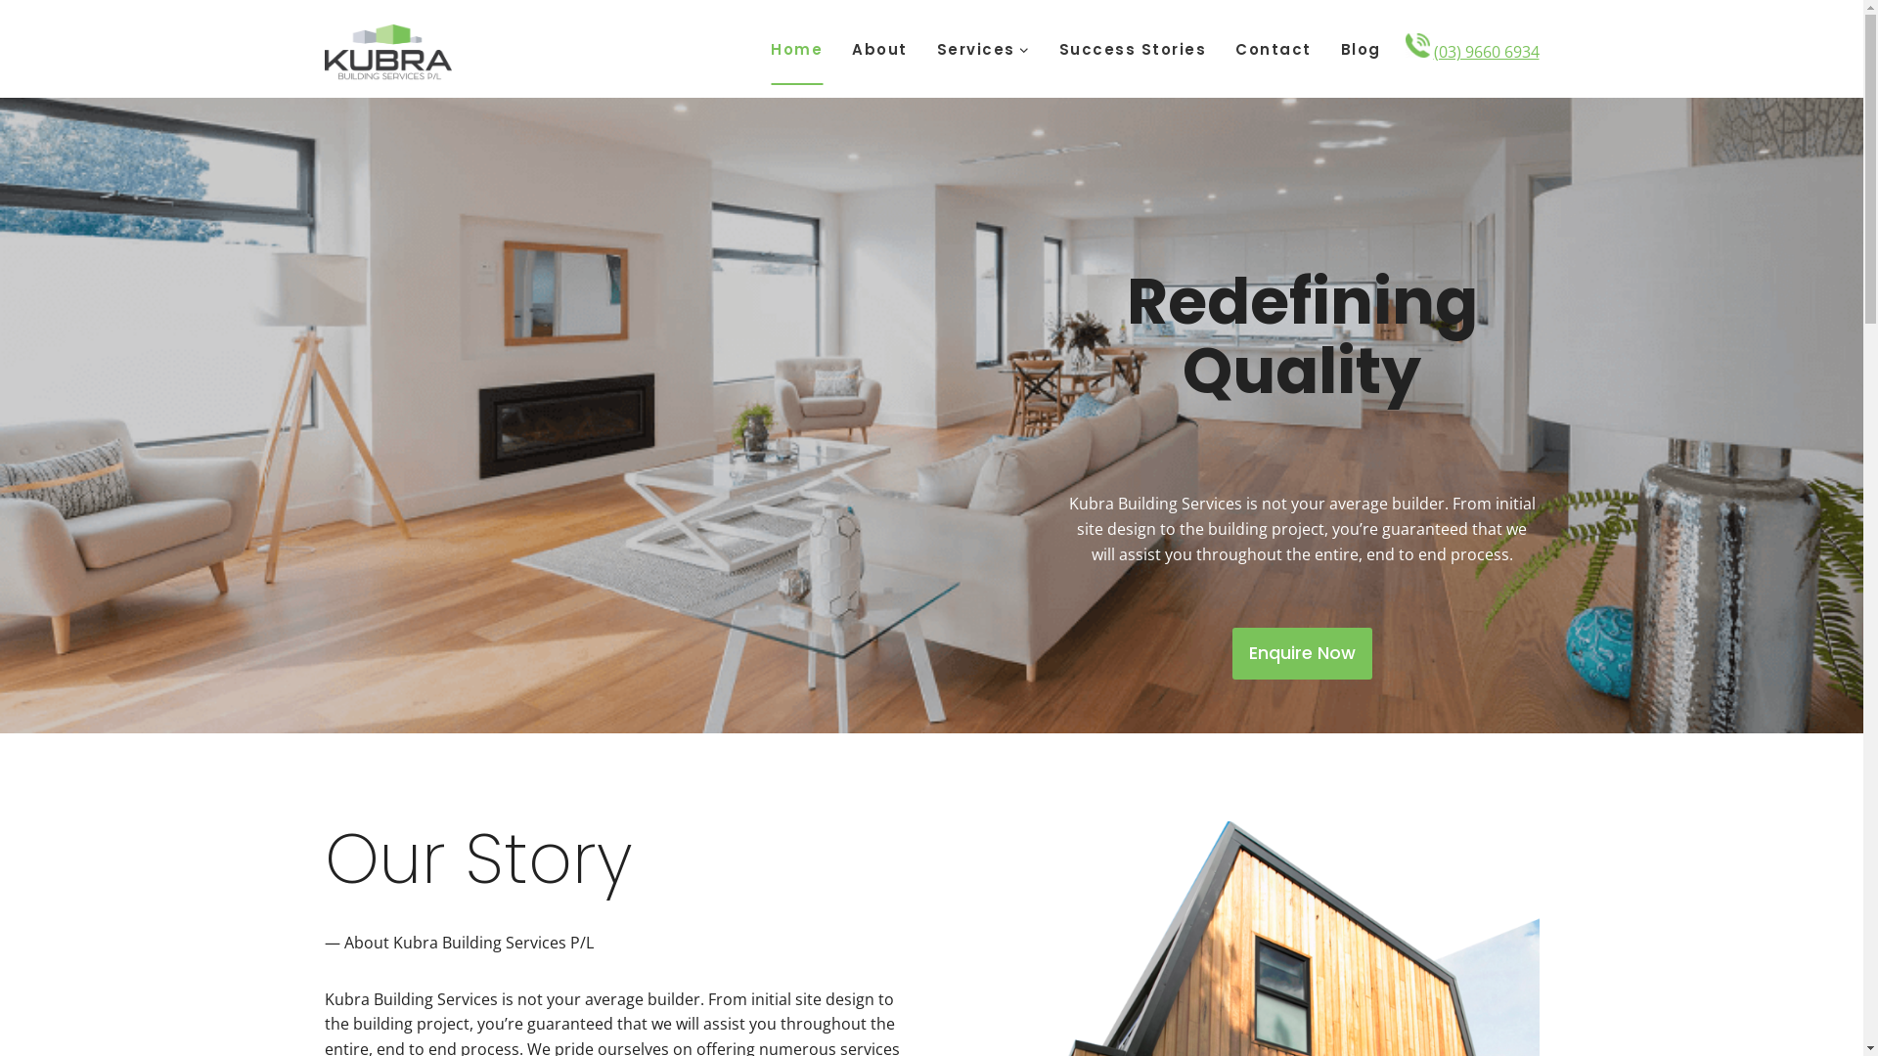  What do you see at coordinates (796, 48) in the screenshot?
I see `'Home'` at bounding box center [796, 48].